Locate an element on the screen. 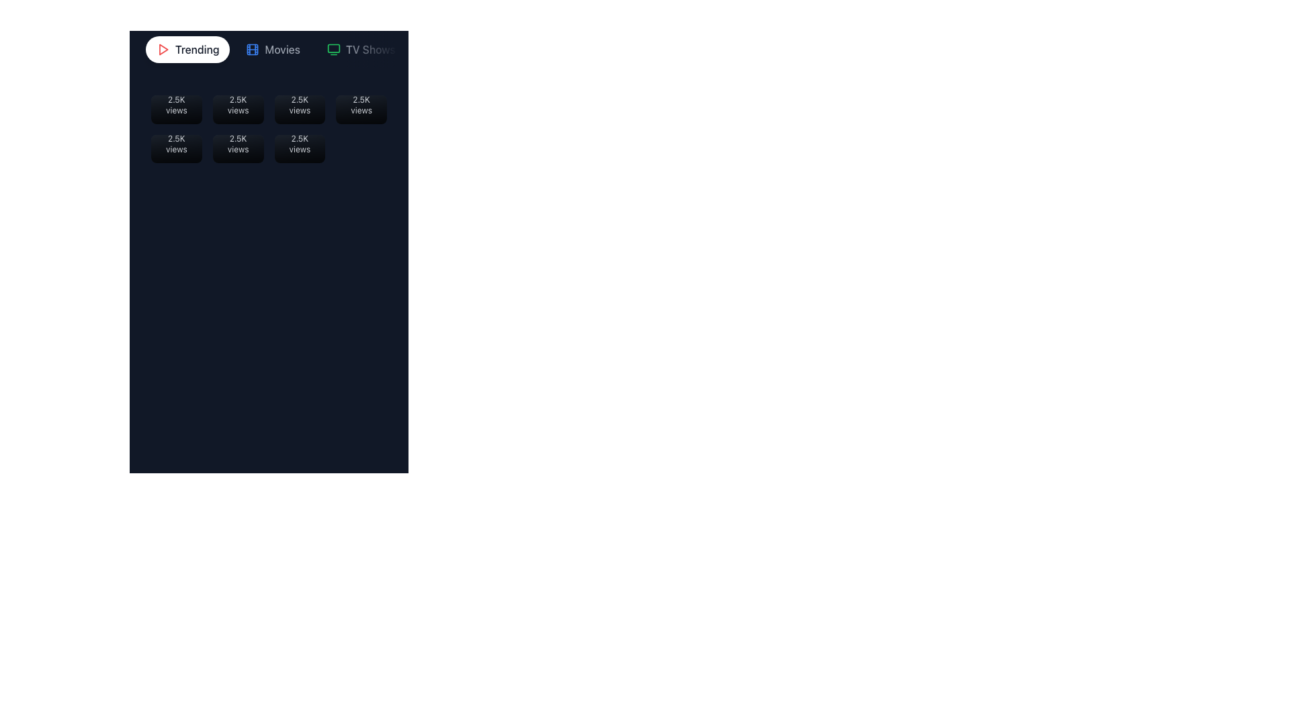 This screenshot has height=725, width=1290. the Text Label displaying '2.5K views' that is styled in a contrasting color against a dark rectangular background, located in the second row, first column of the grid layout is located at coordinates (175, 148).